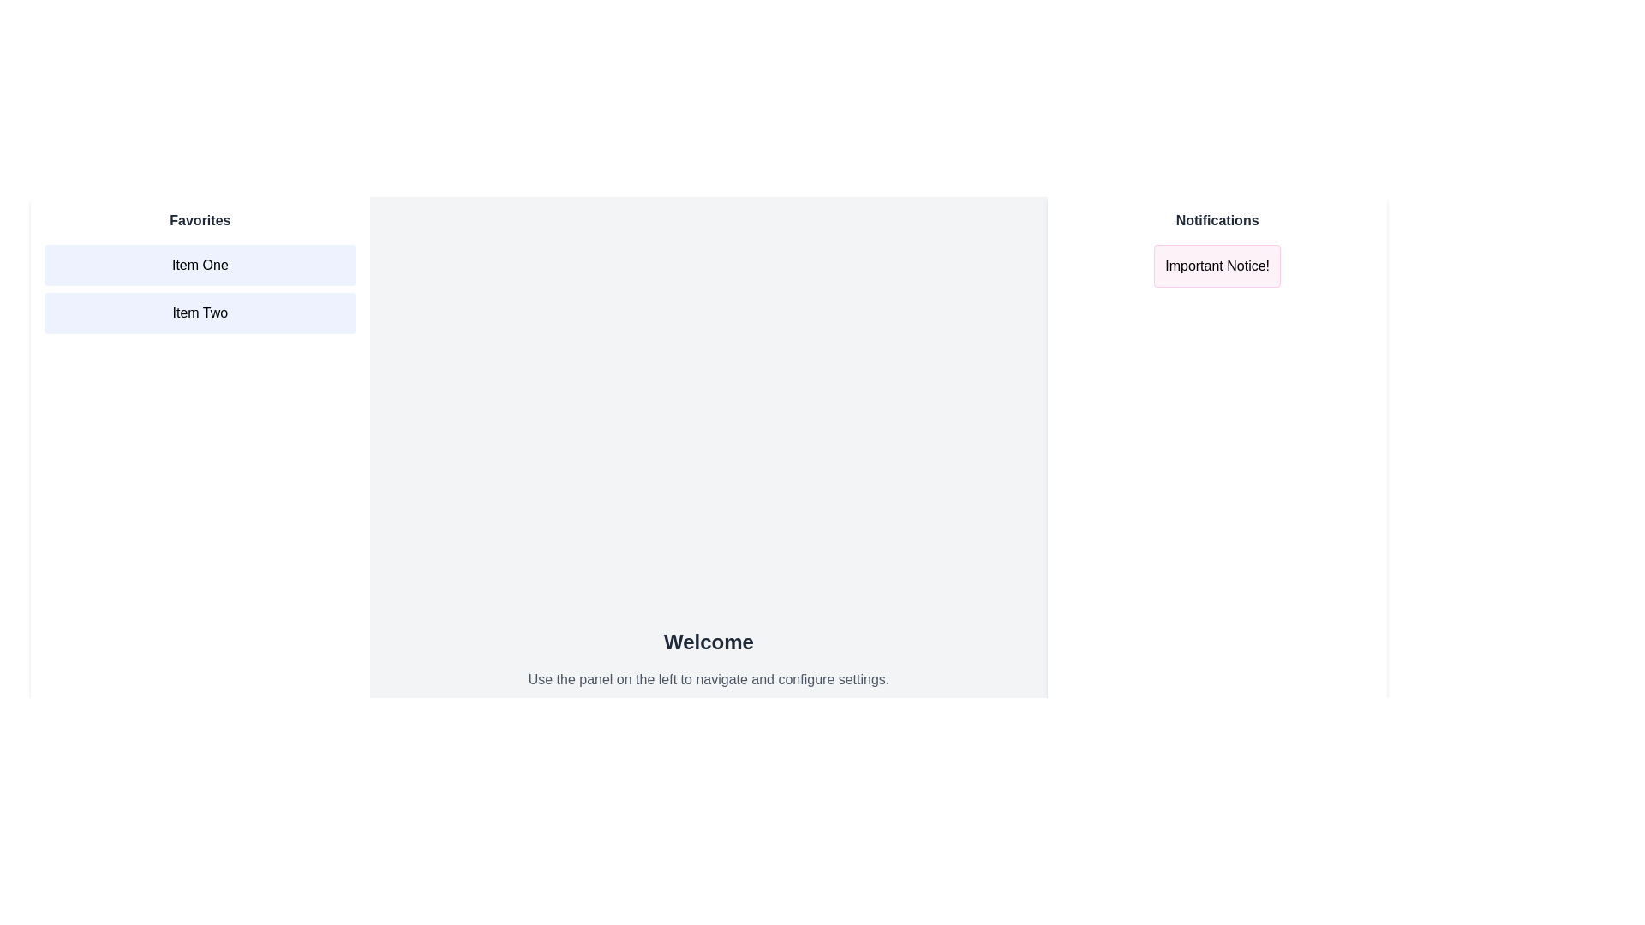 The width and height of the screenshot is (1645, 925). Describe the element at coordinates (200, 265) in the screenshot. I see `the list item labeled 'Item One', which is positioned at the top of the menu or list, allowing interaction with it` at that location.